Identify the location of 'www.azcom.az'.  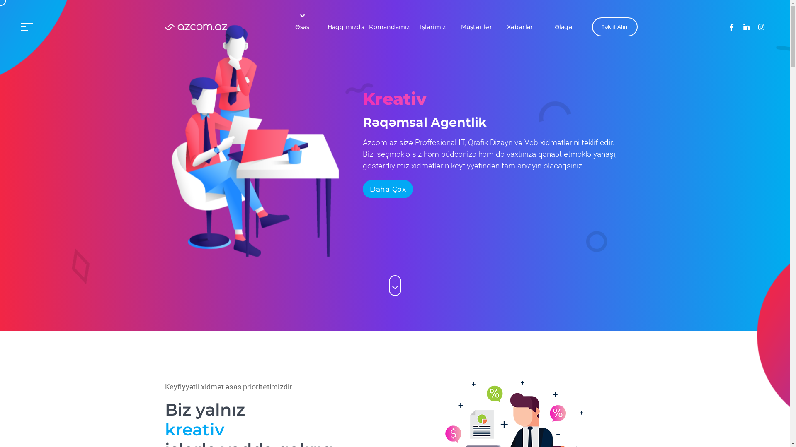
(196, 26).